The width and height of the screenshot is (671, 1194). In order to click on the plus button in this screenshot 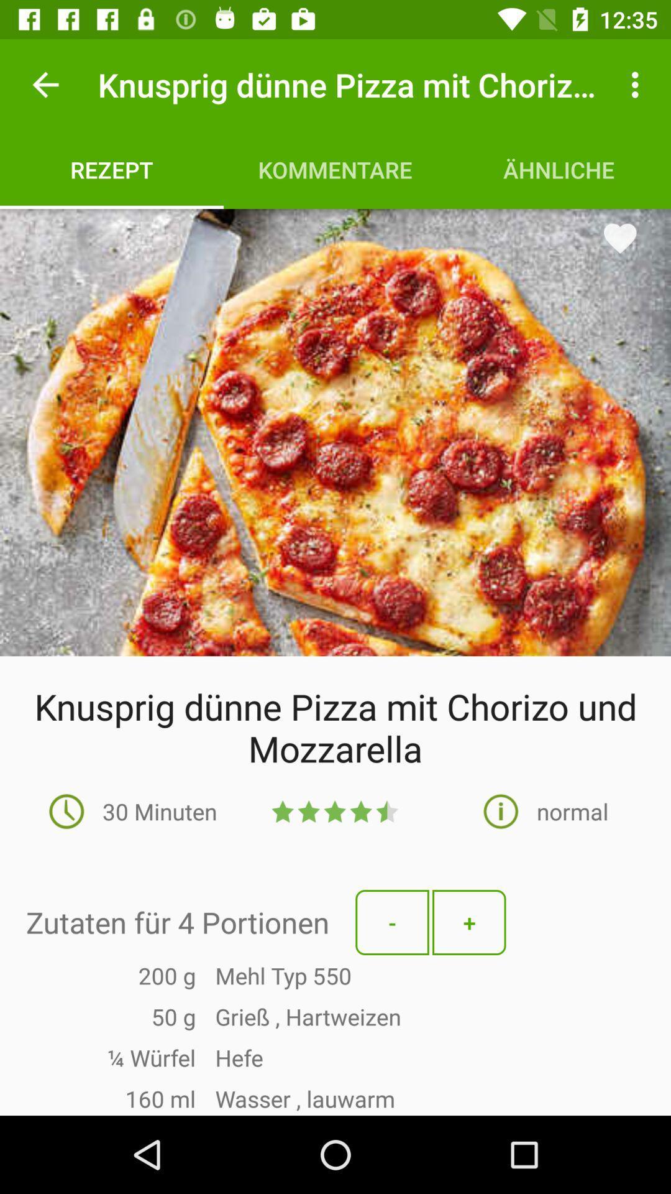, I will do `click(469, 922)`.